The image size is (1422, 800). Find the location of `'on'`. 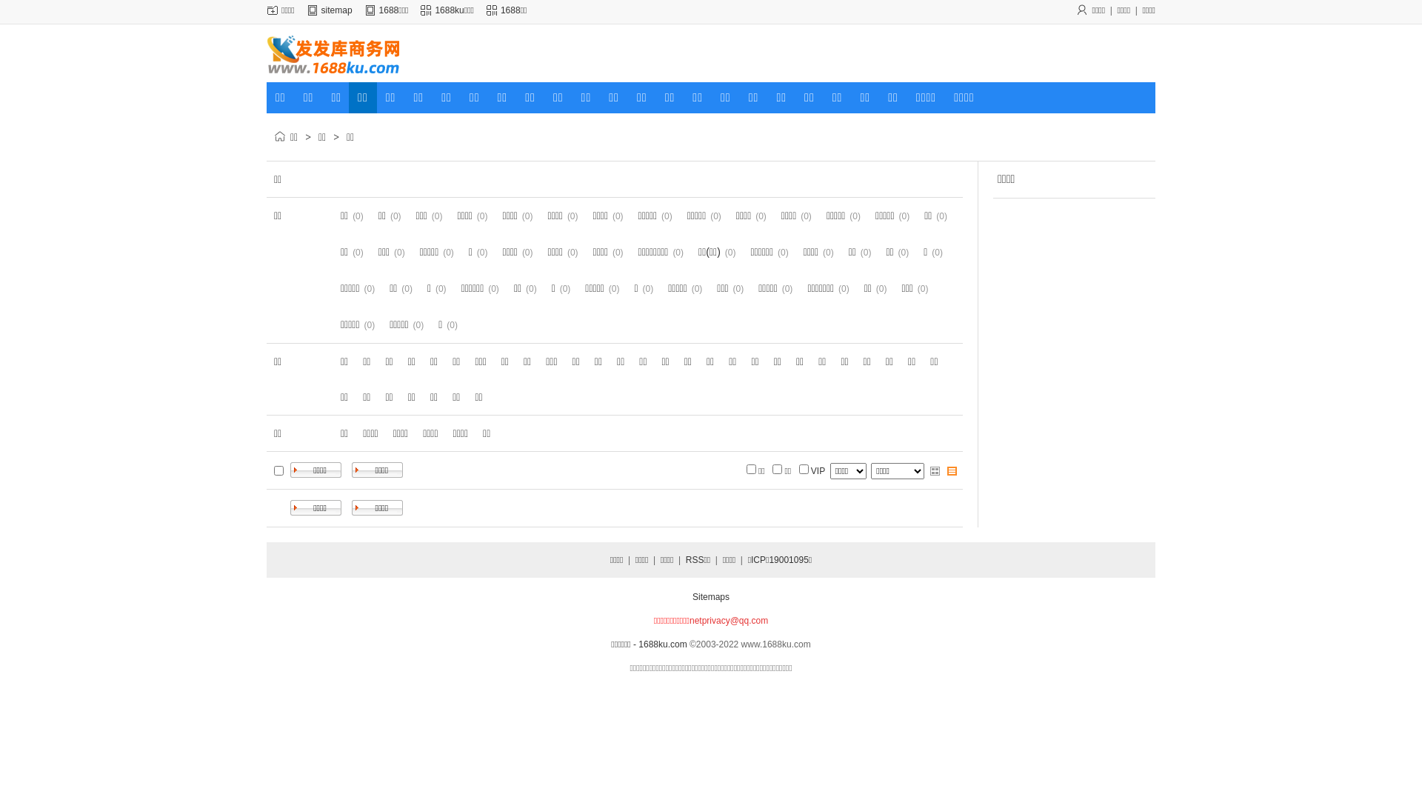

'on' is located at coordinates (803, 468).